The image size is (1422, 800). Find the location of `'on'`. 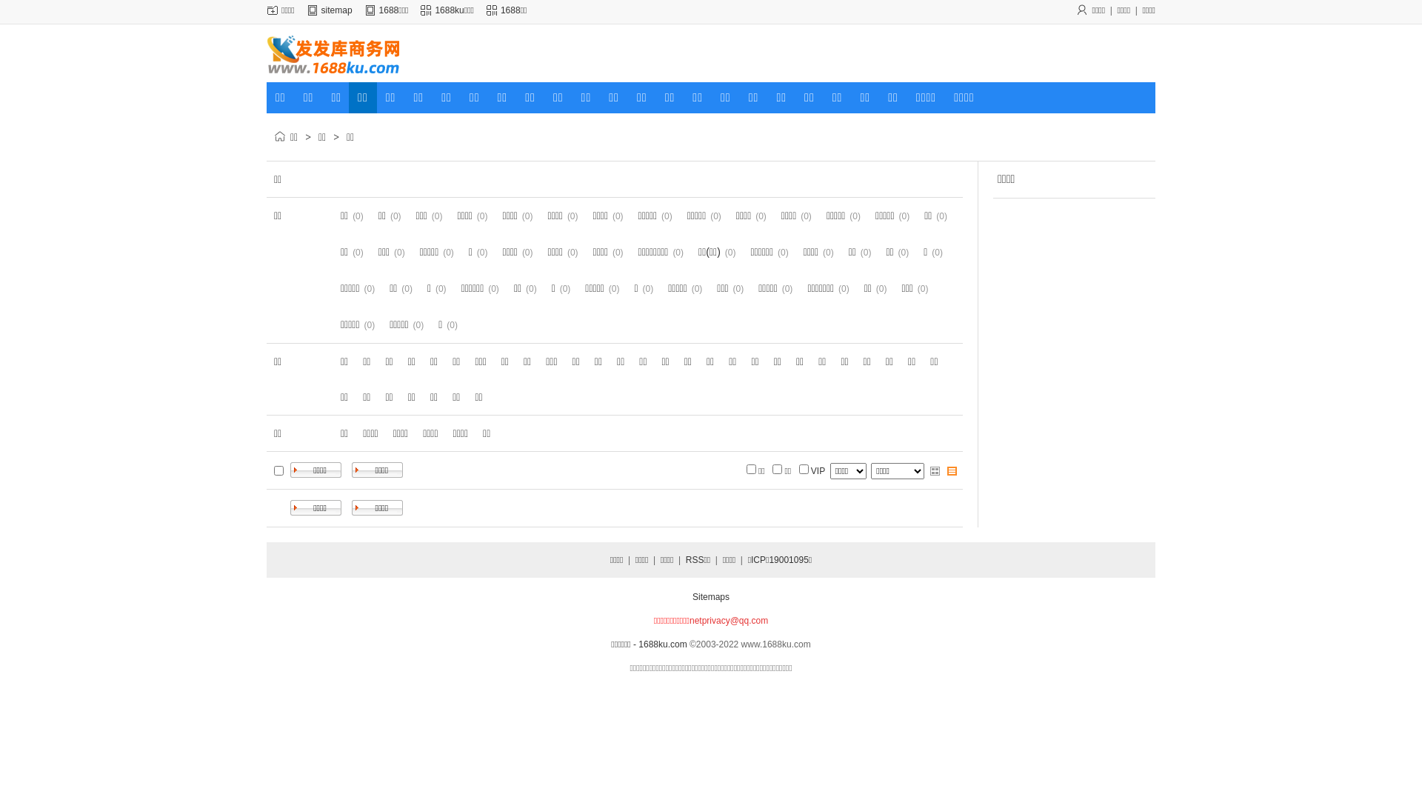

'on' is located at coordinates (803, 468).